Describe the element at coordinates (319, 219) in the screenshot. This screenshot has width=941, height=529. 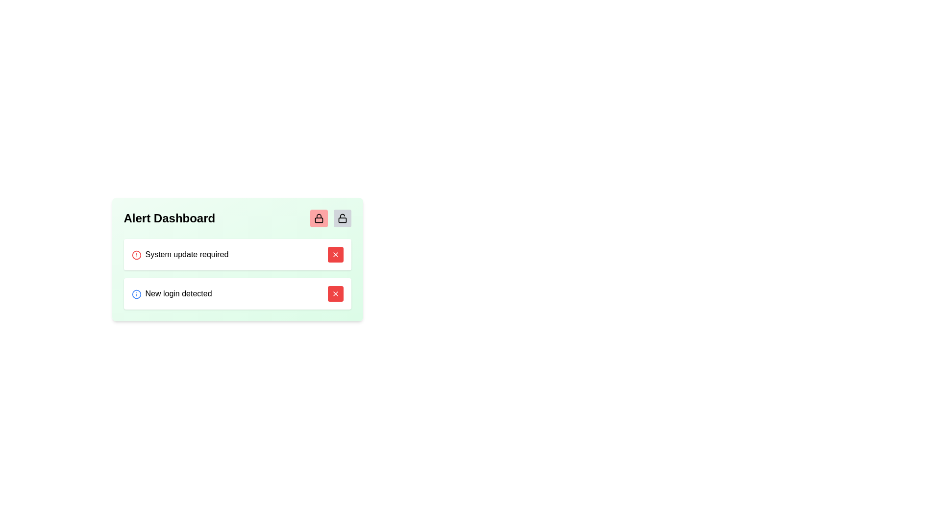
I see `the padlock-shaped icon representing a locked state, which is located to the right of the 'Alert Dashboard' label in the top-right corner of the main card interface` at that location.